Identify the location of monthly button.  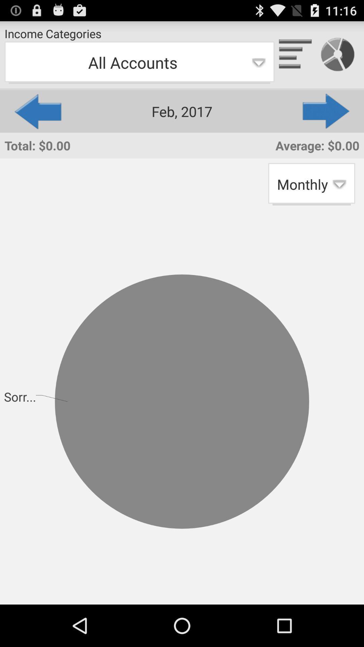
(311, 184).